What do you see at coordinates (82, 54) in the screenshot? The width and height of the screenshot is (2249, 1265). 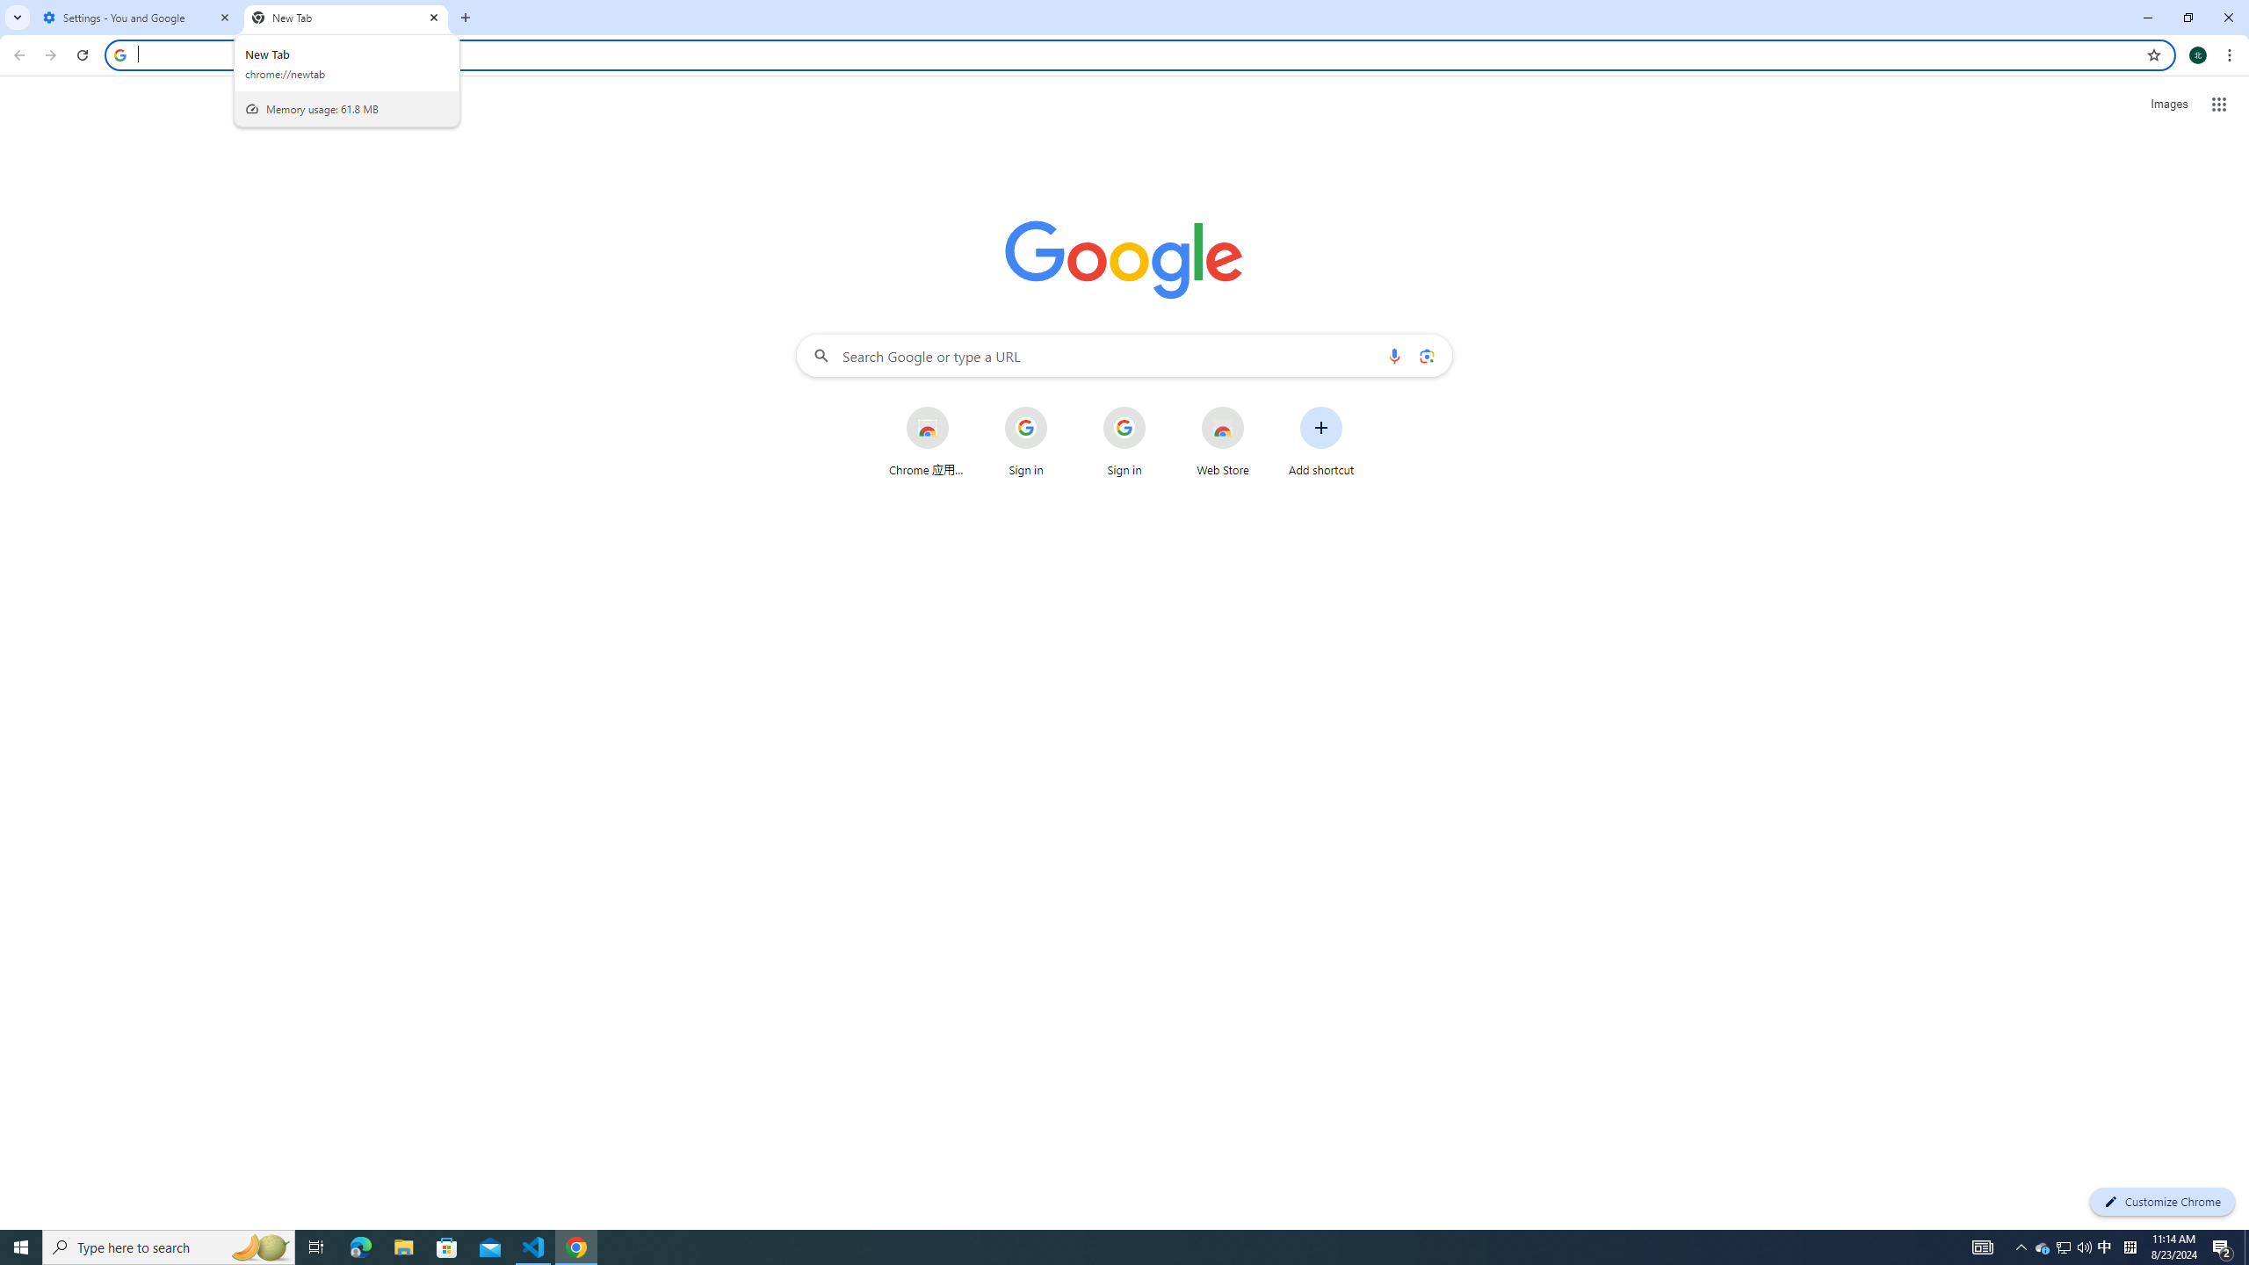 I see `'Reload'` at bounding box center [82, 54].